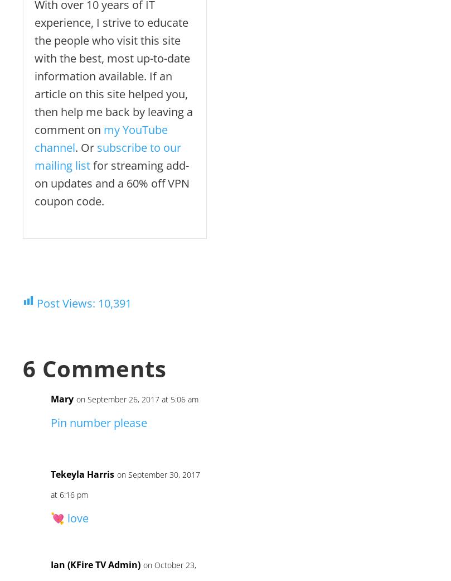 This screenshot has width=451, height=581. What do you see at coordinates (75, 147) in the screenshot?
I see `'.  Or'` at bounding box center [75, 147].